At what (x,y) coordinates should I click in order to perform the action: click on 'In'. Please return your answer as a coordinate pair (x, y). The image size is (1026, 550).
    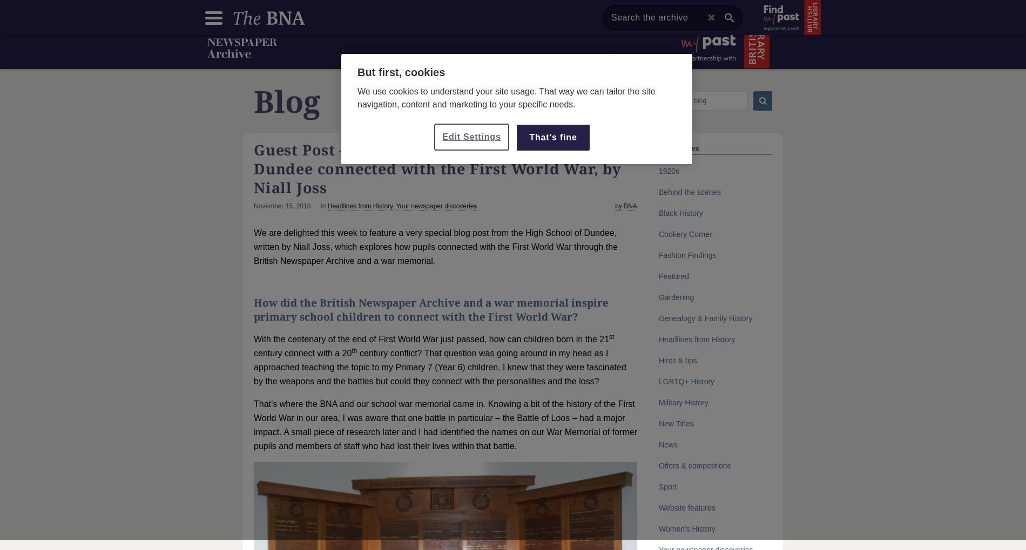
    Looking at the image, I should click on (323, 206).